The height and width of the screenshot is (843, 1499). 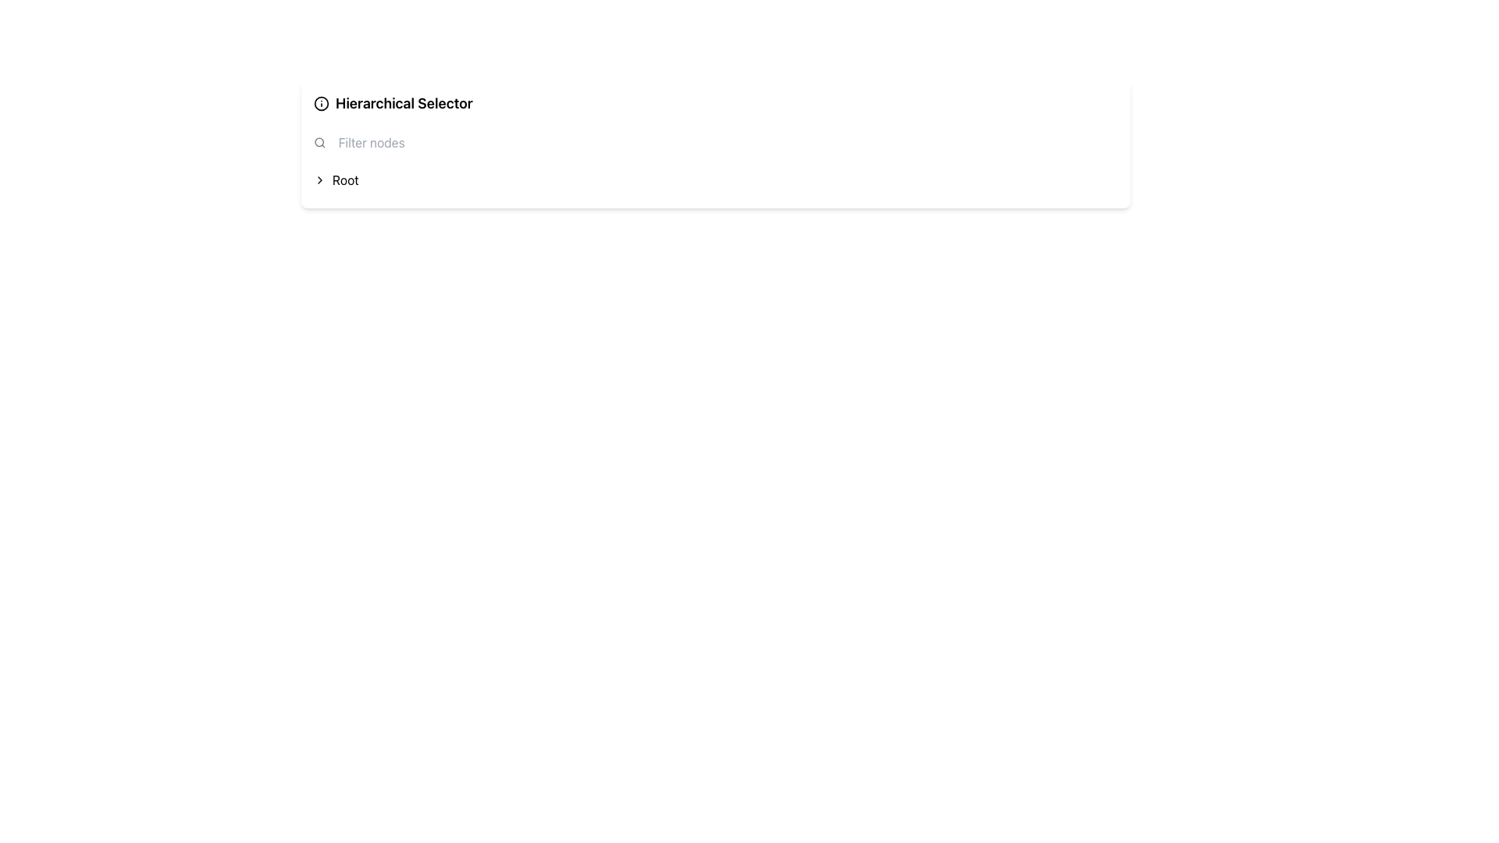 I want to click on the informational icon located immediately to the left of the 'Hierarchical Selector' text at the top of its section, so click(x=321, y=103).